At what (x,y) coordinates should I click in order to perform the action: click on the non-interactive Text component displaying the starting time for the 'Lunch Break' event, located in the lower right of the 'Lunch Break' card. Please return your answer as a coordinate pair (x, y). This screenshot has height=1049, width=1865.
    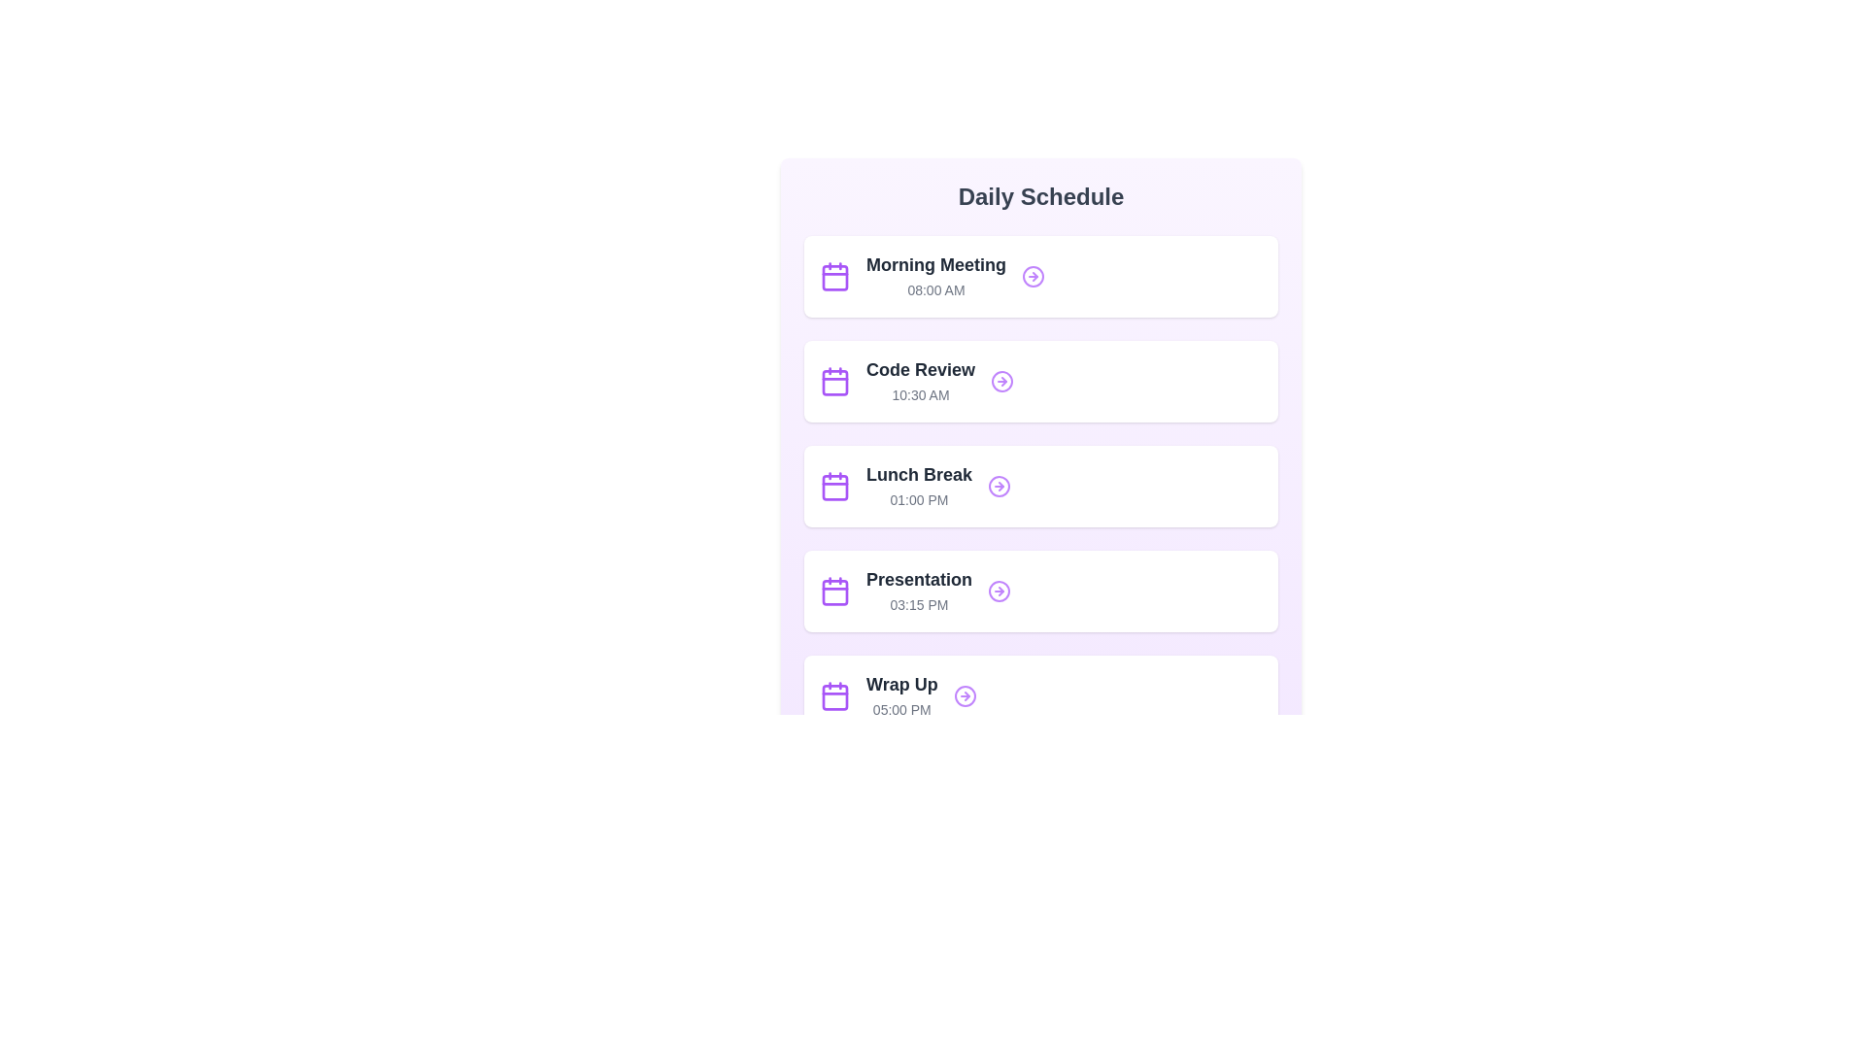
    Looking at the image, I should click on (918, 499).